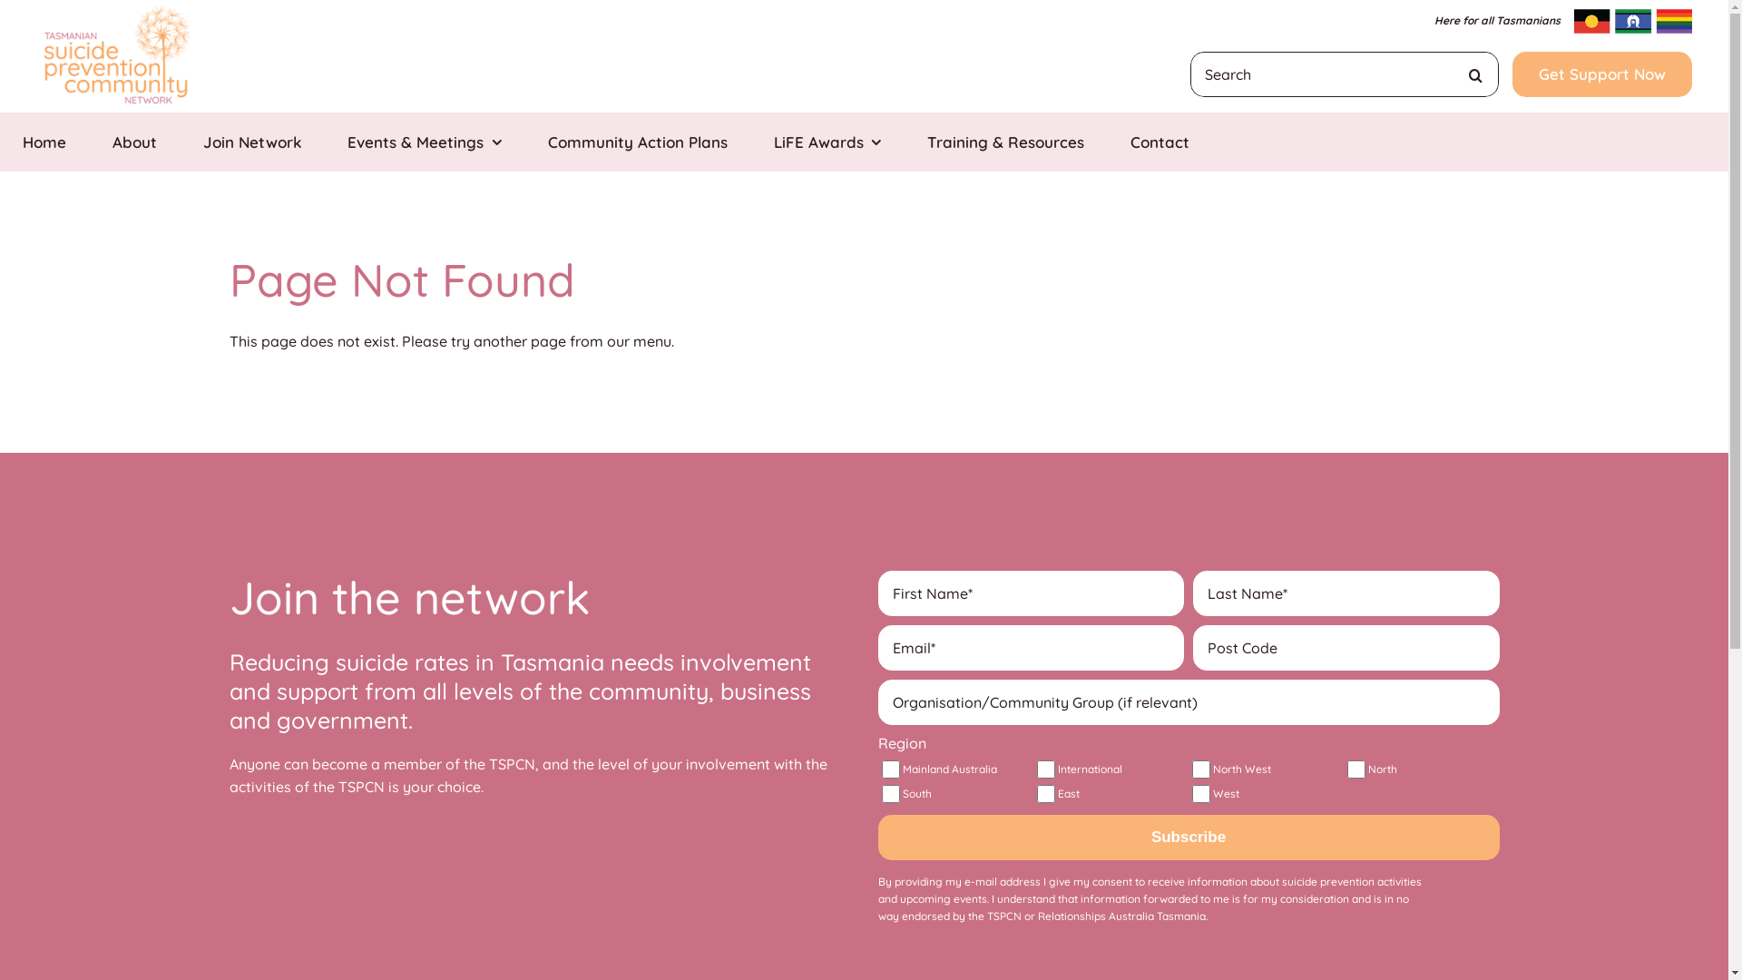  What do you see at coordinates (423, 141) in the screenshot?
I see `'Events & Meetings'` at bounding box center [423, 141].